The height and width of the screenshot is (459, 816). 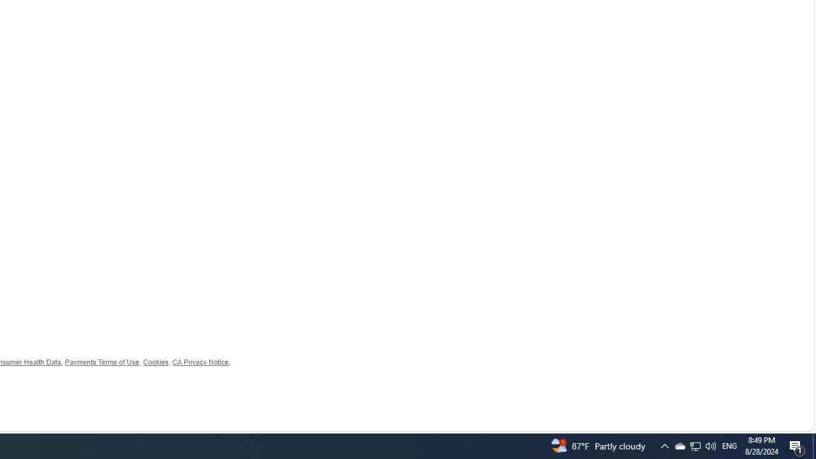 What do you see at coordinates (102, 362) in the screenshot?
I see `'Payments Terms of Use'` at bounding box center [102, 362].